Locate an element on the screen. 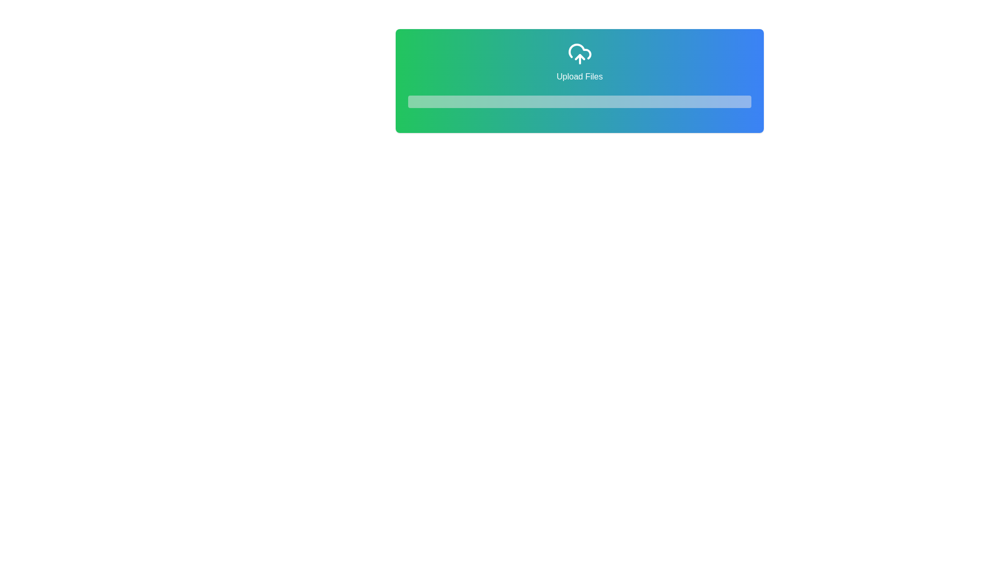 The image size is (997, 561). the button-like component with a gradient background and an upload icon labeled 'Upload Files' to initiate file selection is located at coordinates (579, 80).